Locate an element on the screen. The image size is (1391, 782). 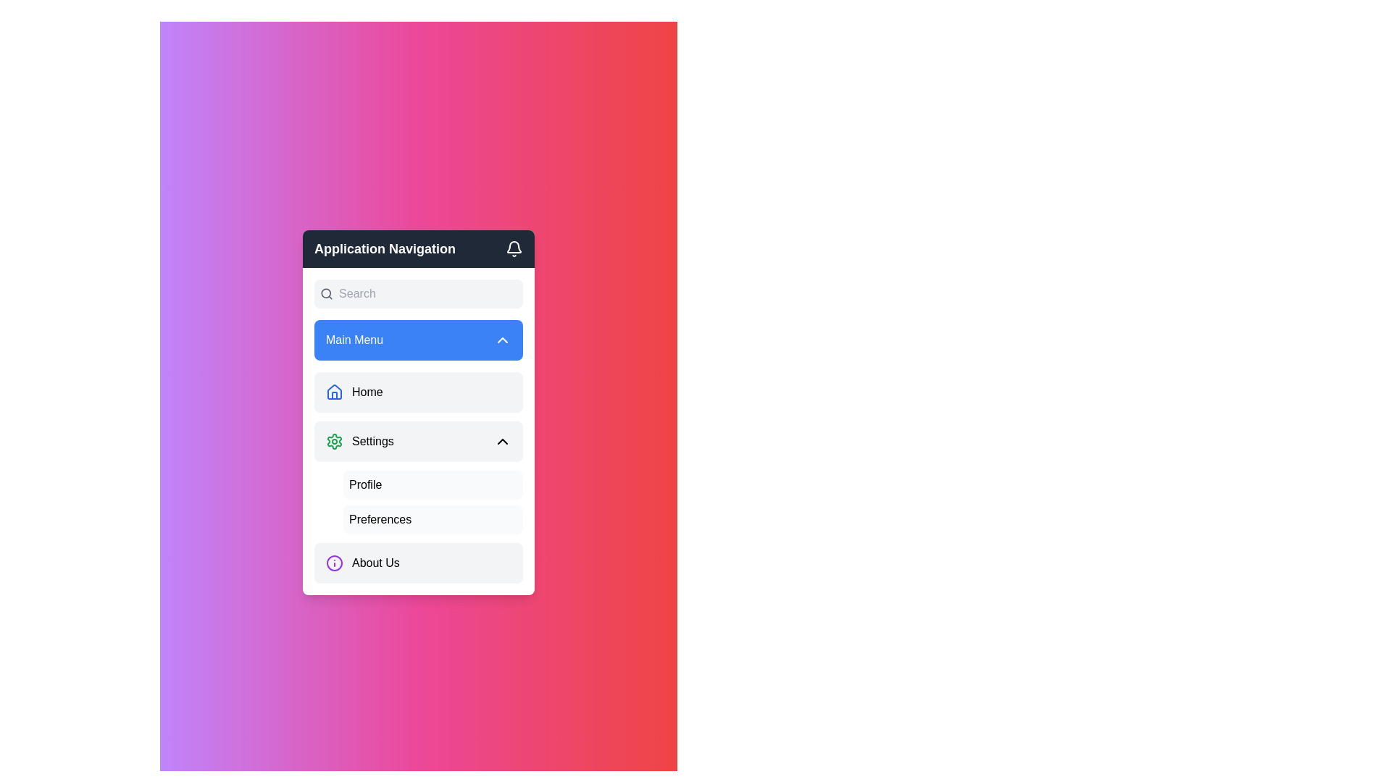
the bell icon located in the top right corner of the header bar titled 'Application Navigation' is located at coordinates (514, 248).